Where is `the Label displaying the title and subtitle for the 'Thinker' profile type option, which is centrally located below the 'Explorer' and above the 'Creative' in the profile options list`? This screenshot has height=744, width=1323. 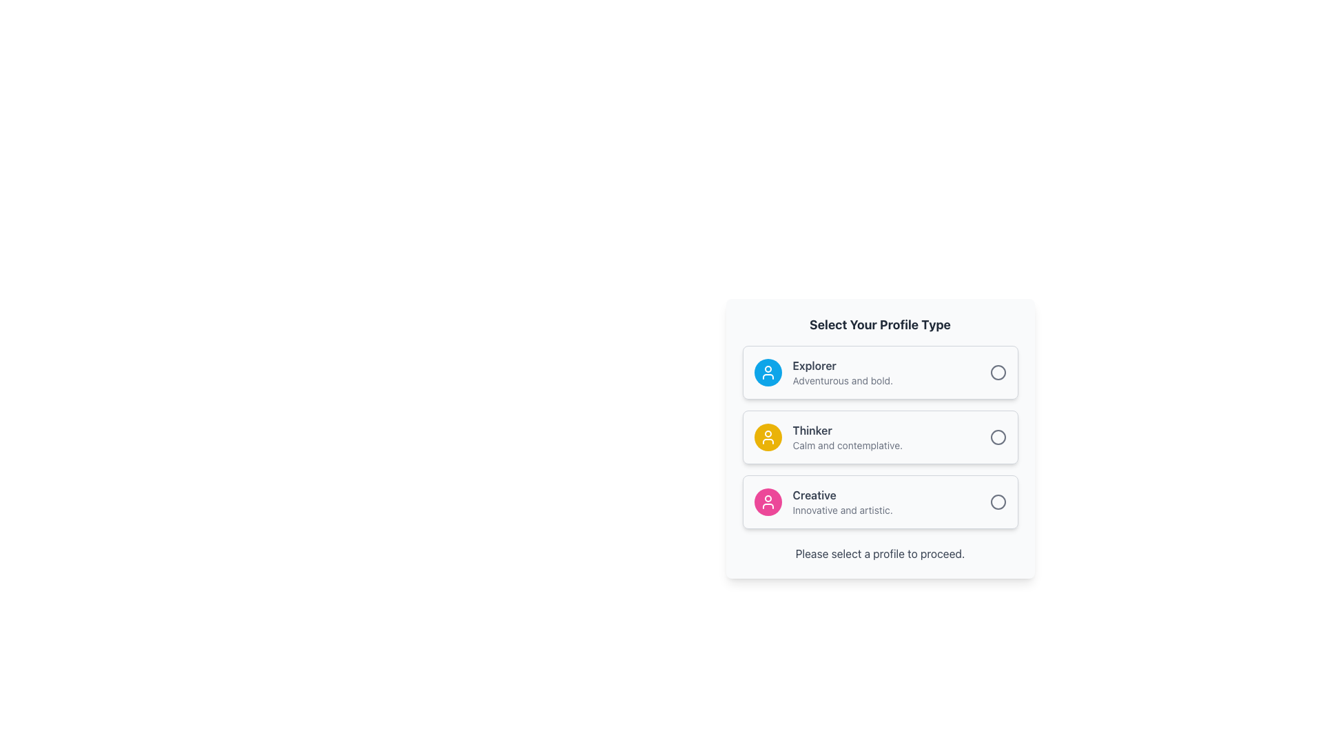 the Label displaying the title and subtitle for the 'Thinker' profile type option, which is centrally located below the 'Explorer' and above the 'Creative' in the profile options list is located at coordinates (891, 437).